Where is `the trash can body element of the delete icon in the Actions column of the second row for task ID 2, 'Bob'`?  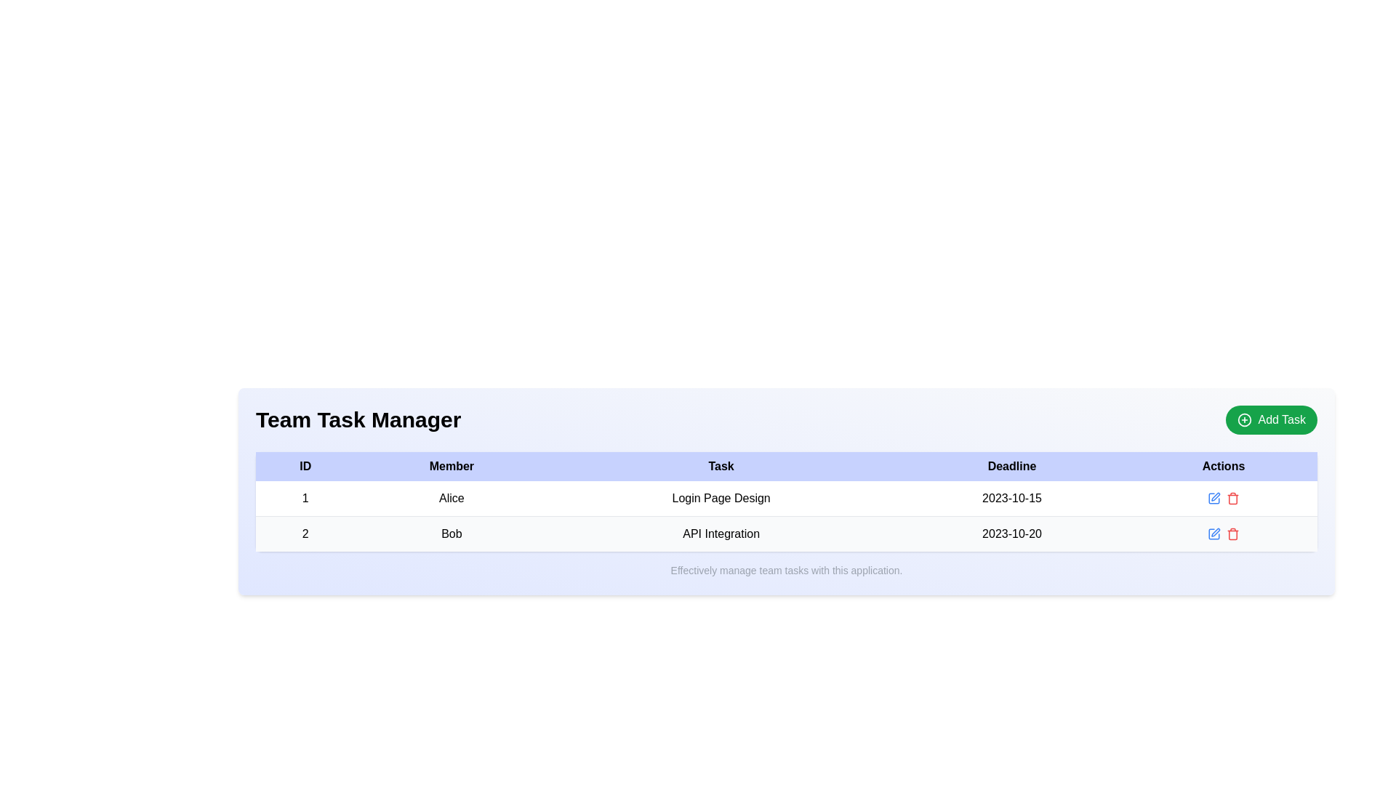
the trash can body element of the delete icon in the Actions column of the second row for task ID 2, 'Bob' is located at coordinates (1232, 535).